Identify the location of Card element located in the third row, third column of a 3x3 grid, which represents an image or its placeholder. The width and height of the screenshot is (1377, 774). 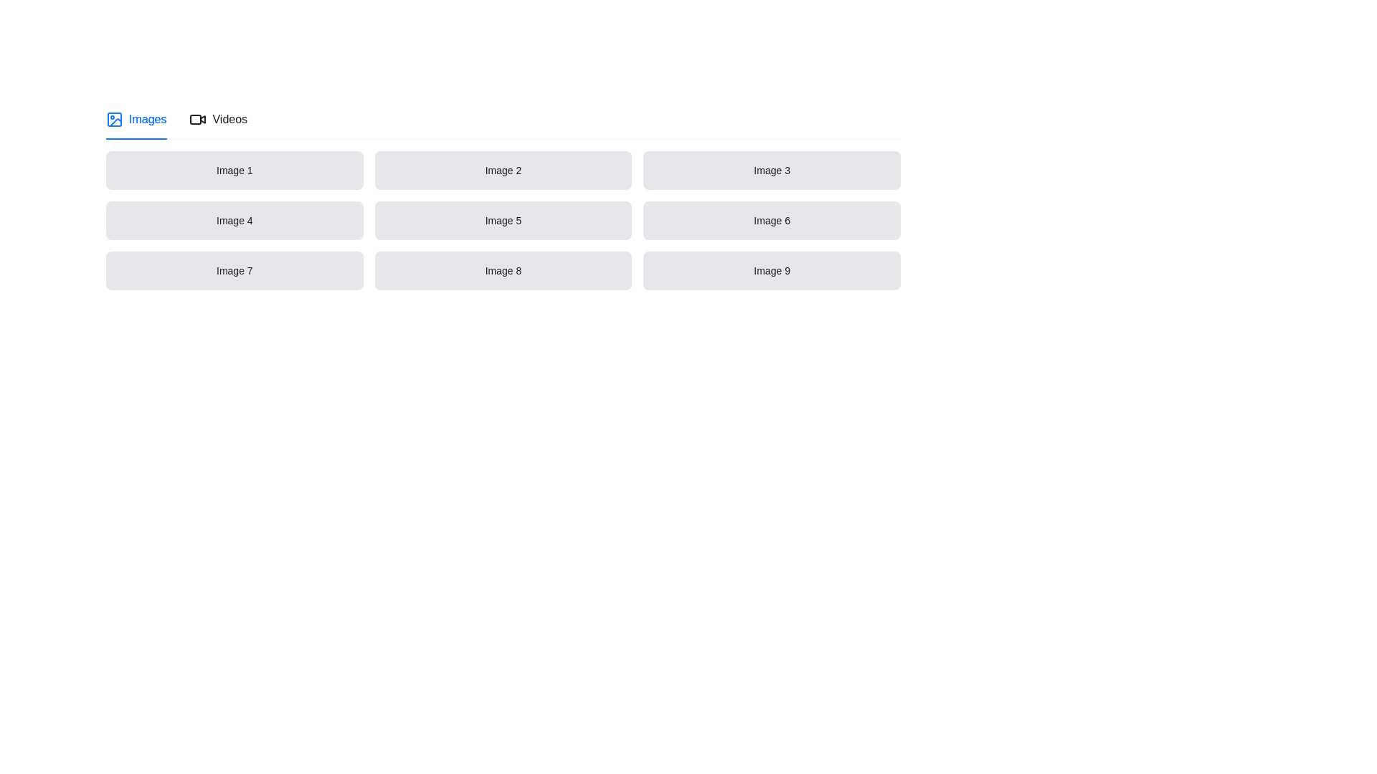
(771, 271).